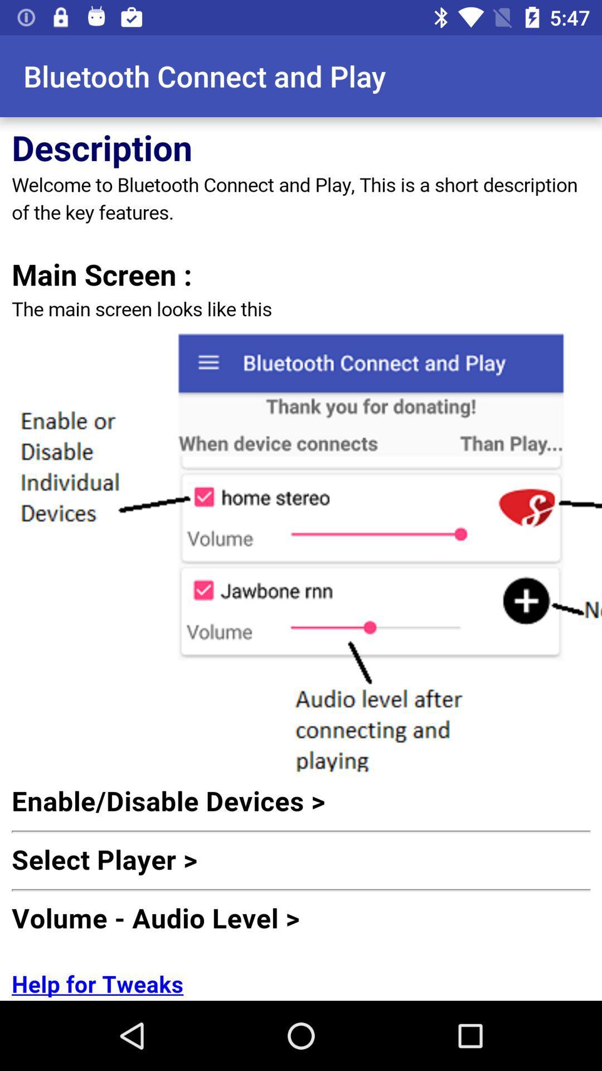  What do you see at coordinates (301, 559) in the screenshot?
I see `description of key features` at bounding box center [301, 559].